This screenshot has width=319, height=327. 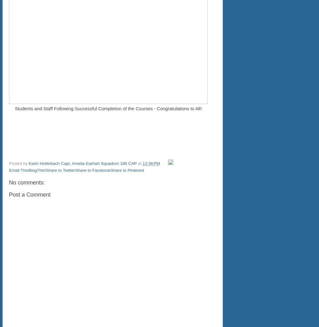 What do you see at coordinates (19, 170) in the screenshot?
I see `'Email This'` at bounding box center [19, 170].